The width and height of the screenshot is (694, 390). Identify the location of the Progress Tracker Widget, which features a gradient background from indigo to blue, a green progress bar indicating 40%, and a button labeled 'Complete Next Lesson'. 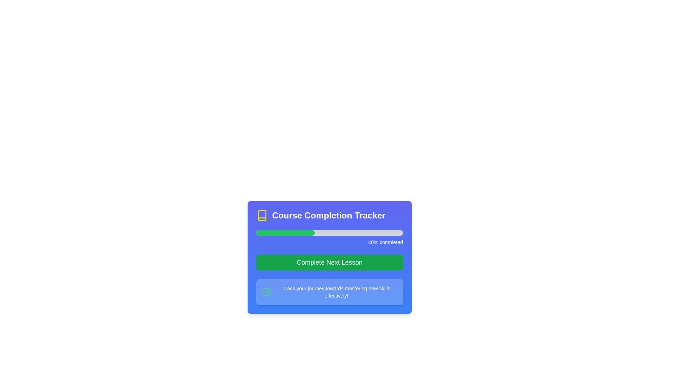
(329, 257).